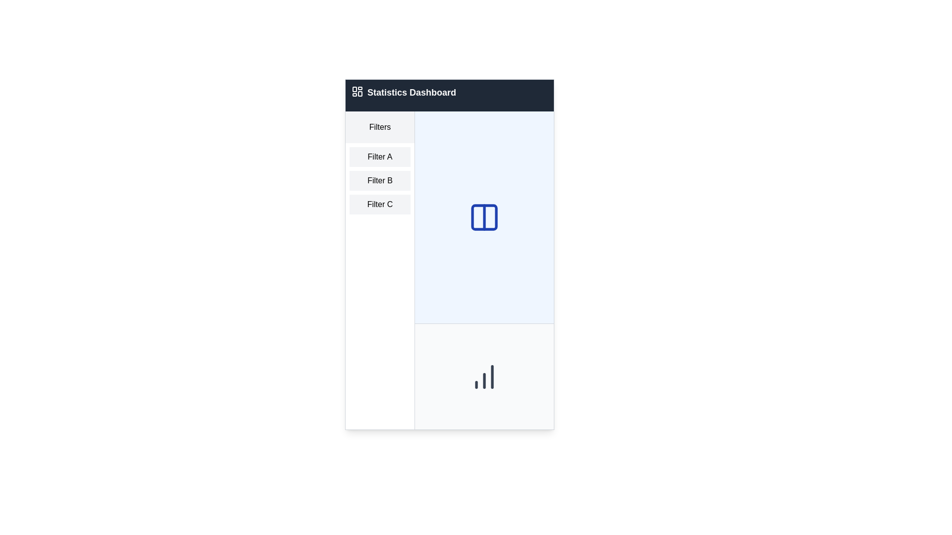  What do you see at coordinates (484, 217) in the screenshot?
I see `the SVG icon with a blue color, which is visually divided into two equal parts by a vertical line, located in the center of a light blue background` at bounding box center [484, 217].